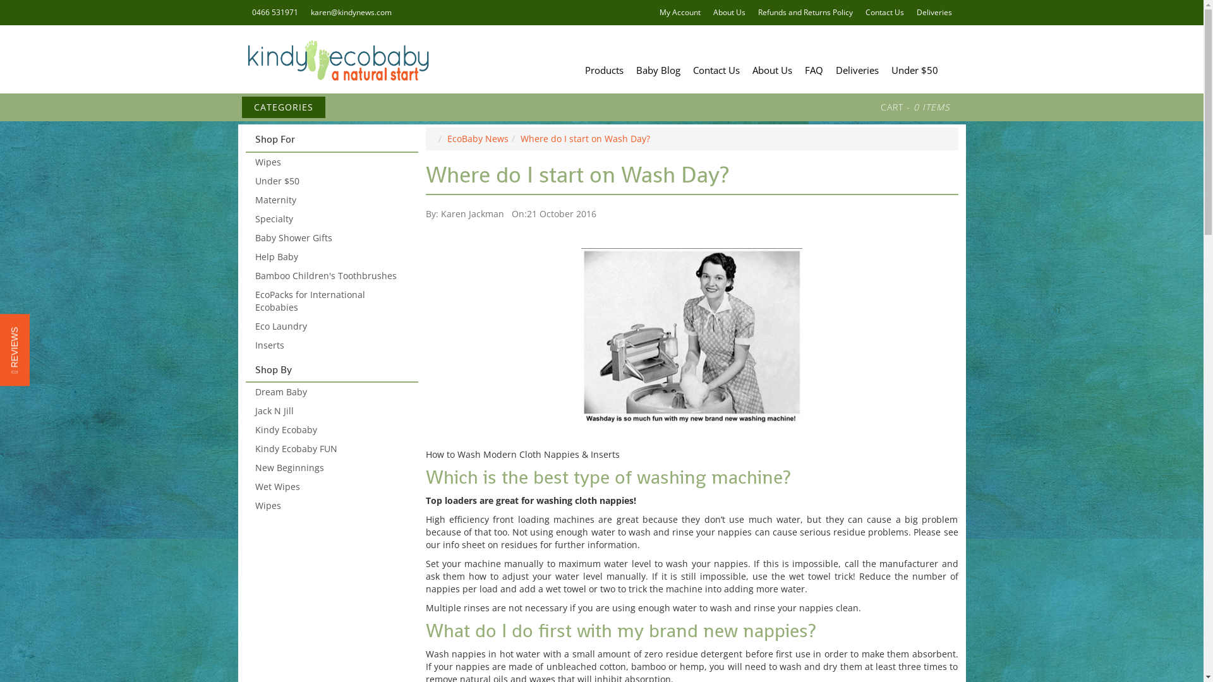  I want to click on 'EcoPacks for International Ecobabies', so click(331, 301).